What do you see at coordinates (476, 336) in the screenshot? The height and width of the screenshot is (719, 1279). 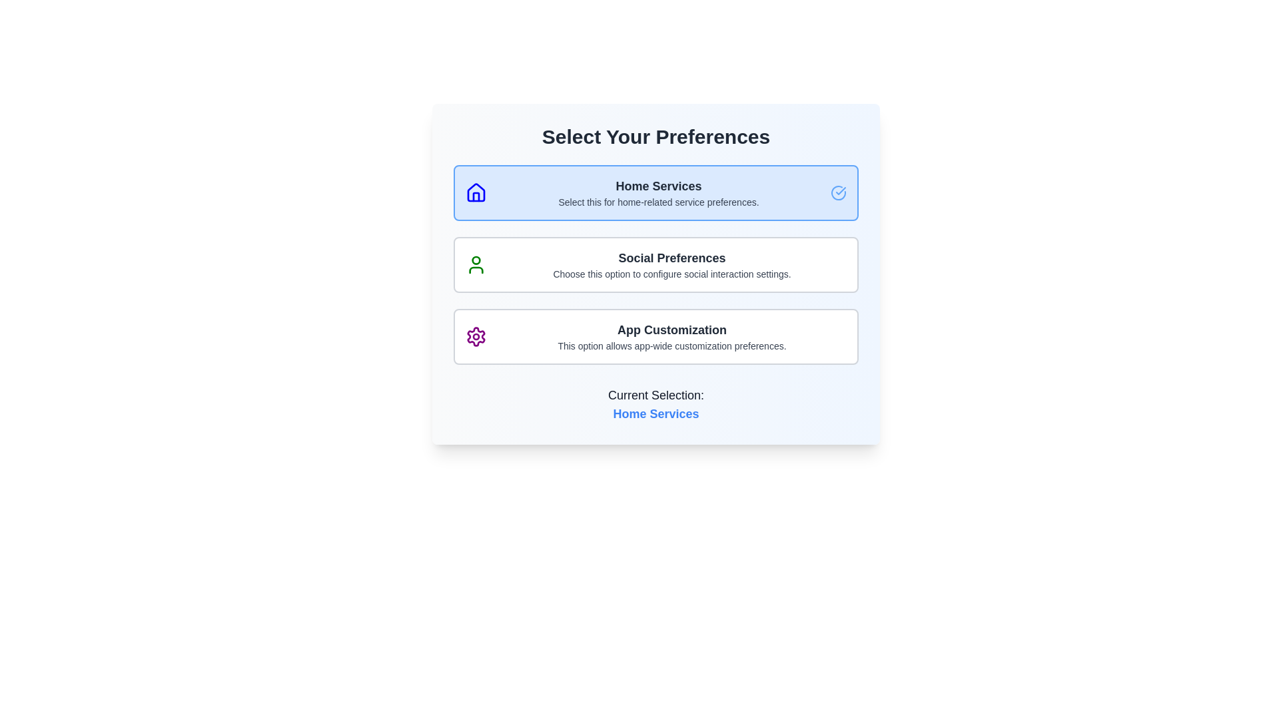 I see `the gear icon located at the top-left corner of the 'App Customization' option card to indicate activation` at bounding box center [476, 336].